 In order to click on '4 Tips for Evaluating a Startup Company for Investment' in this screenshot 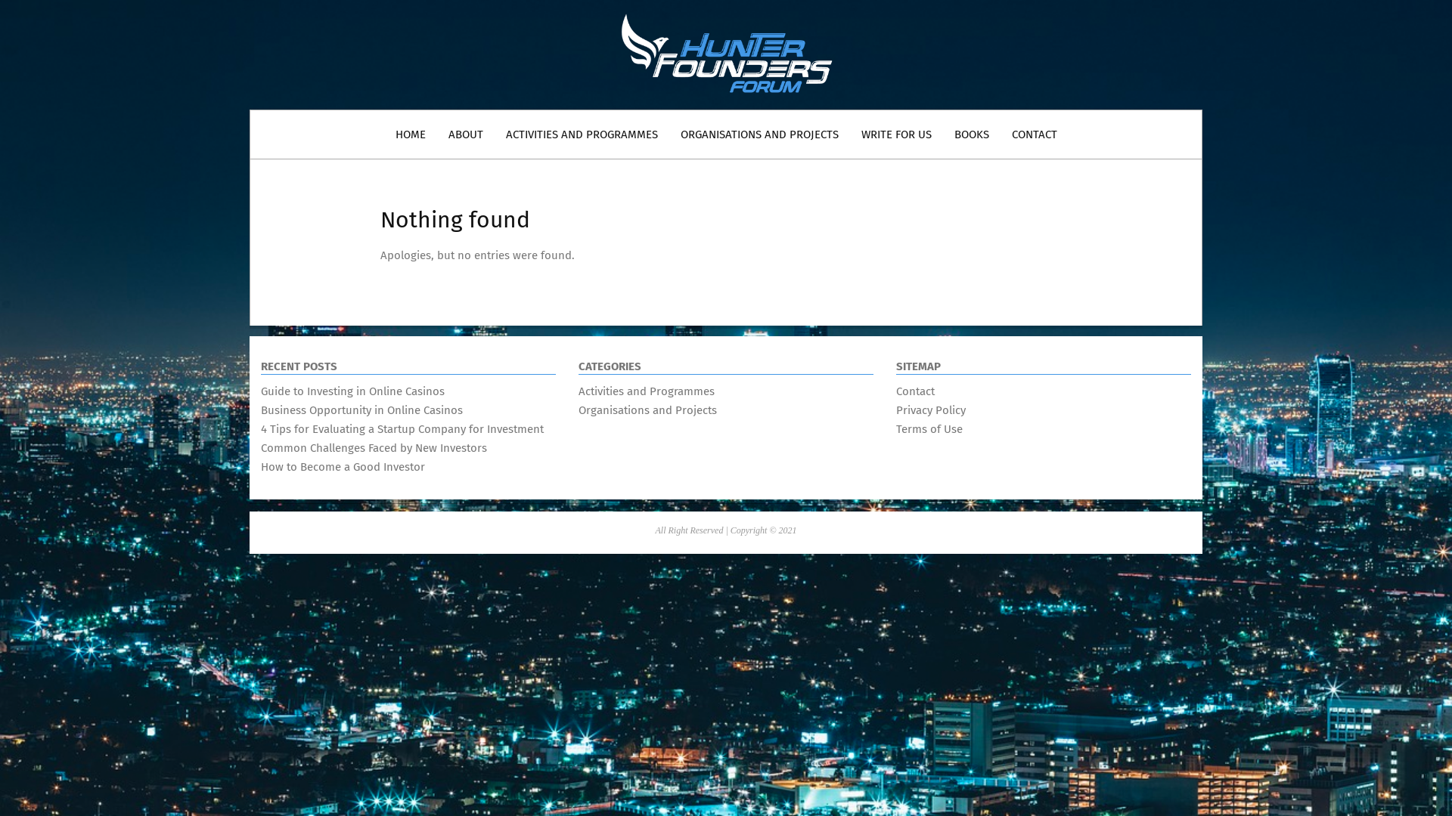, I will do `click(402, 428)`.